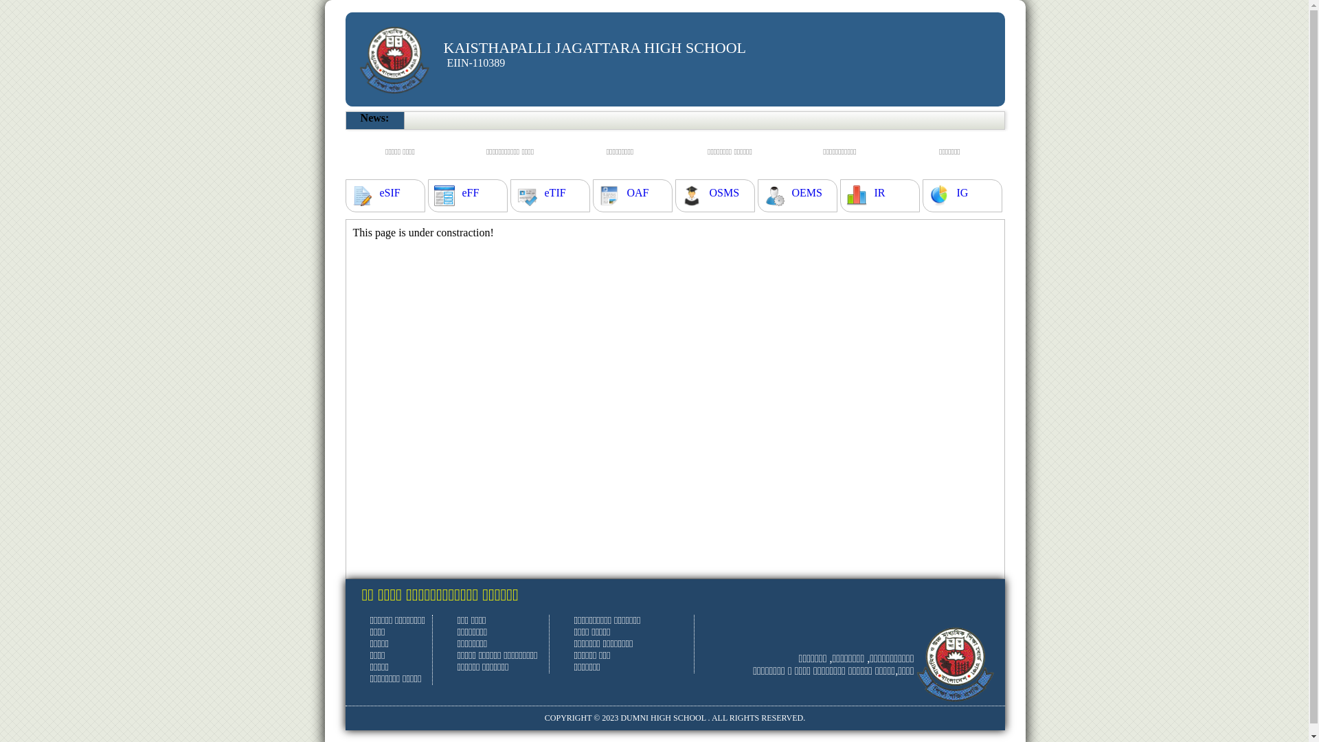  I want to click on 'eFF', so click(470, 193).